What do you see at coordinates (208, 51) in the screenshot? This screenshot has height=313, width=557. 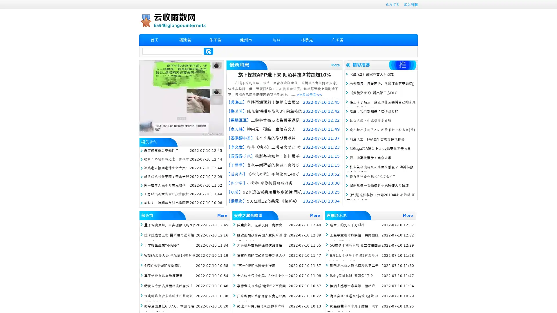 I see `Search` at bounding box center [208, 51].